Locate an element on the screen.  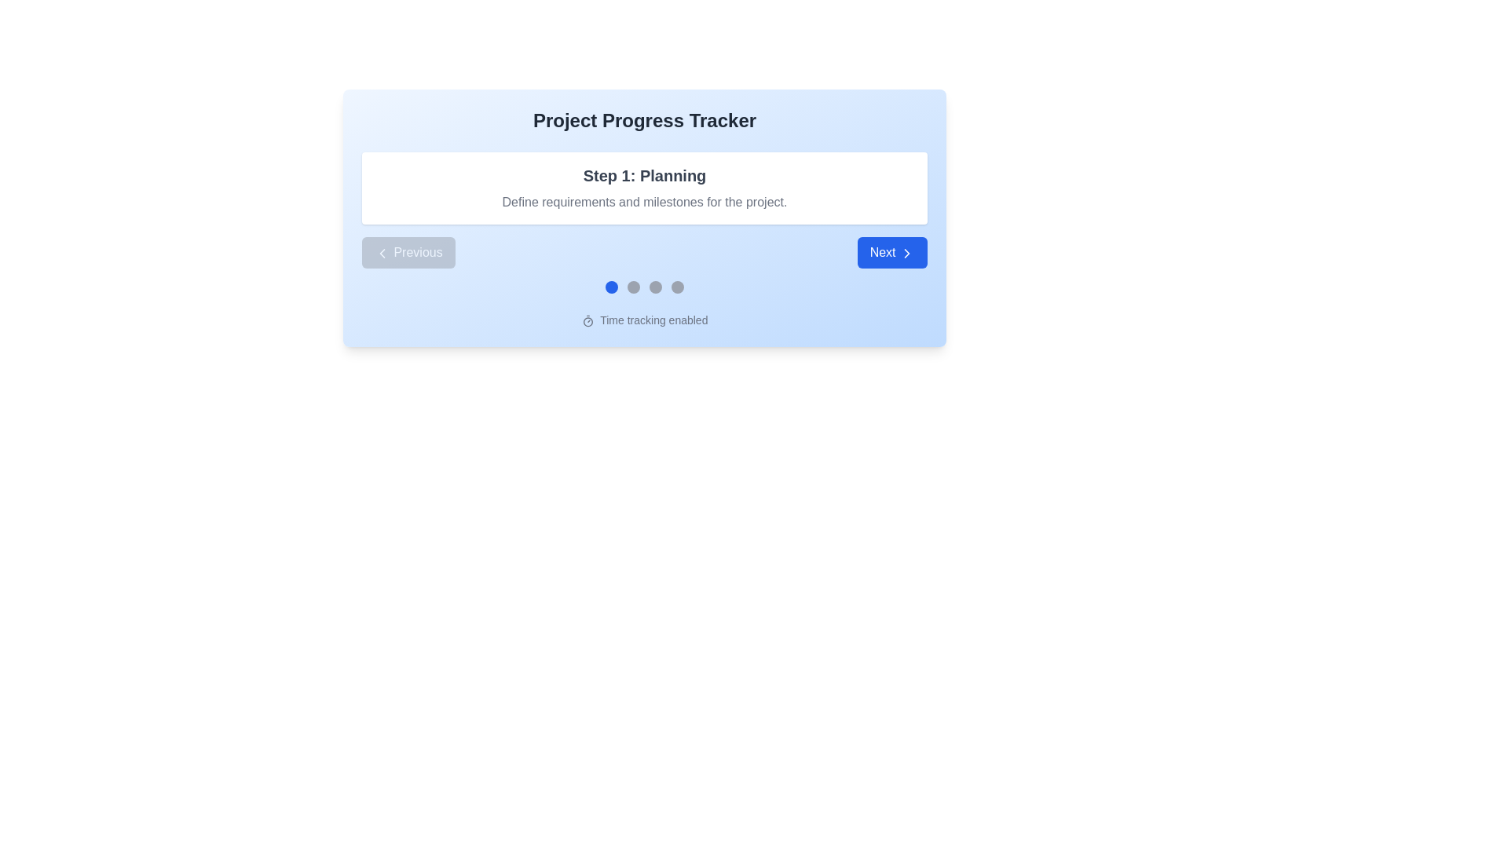
the navigational icon located on the blue 'Next' button adjacent to the 'Next' label is located at coordinates (907, 251).